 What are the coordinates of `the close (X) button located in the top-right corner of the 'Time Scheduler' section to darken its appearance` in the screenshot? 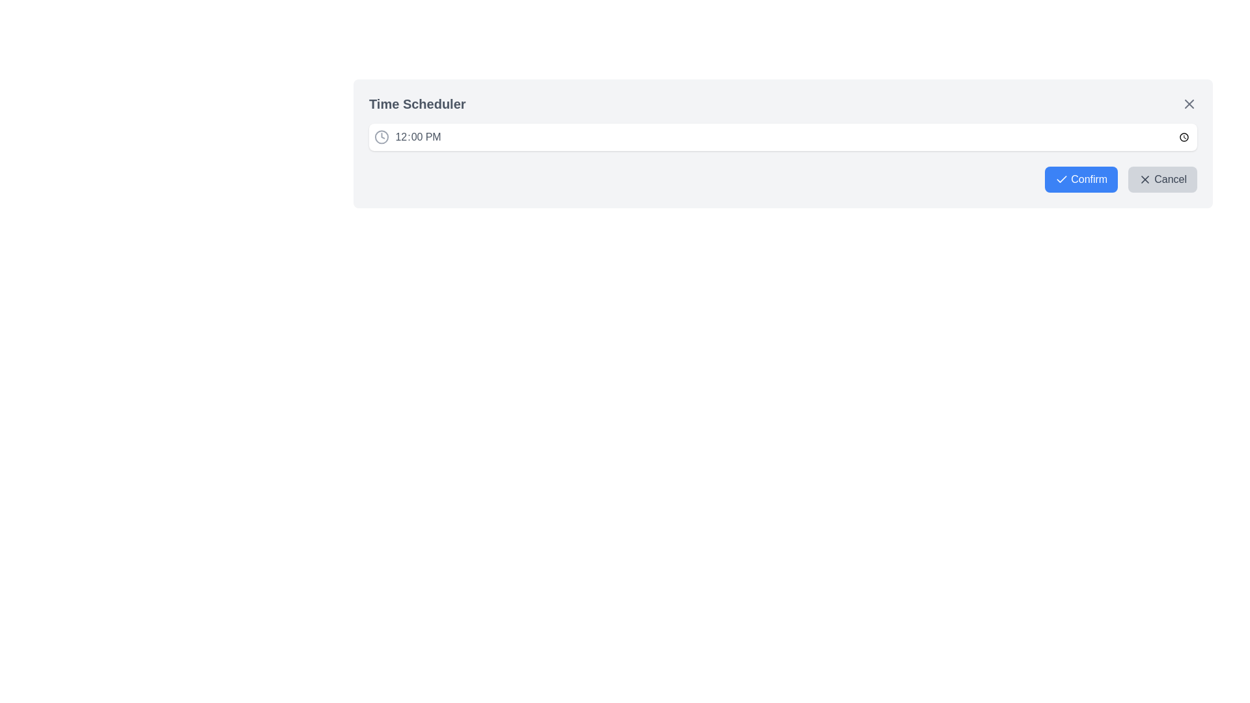 It's located at (1189, 103).